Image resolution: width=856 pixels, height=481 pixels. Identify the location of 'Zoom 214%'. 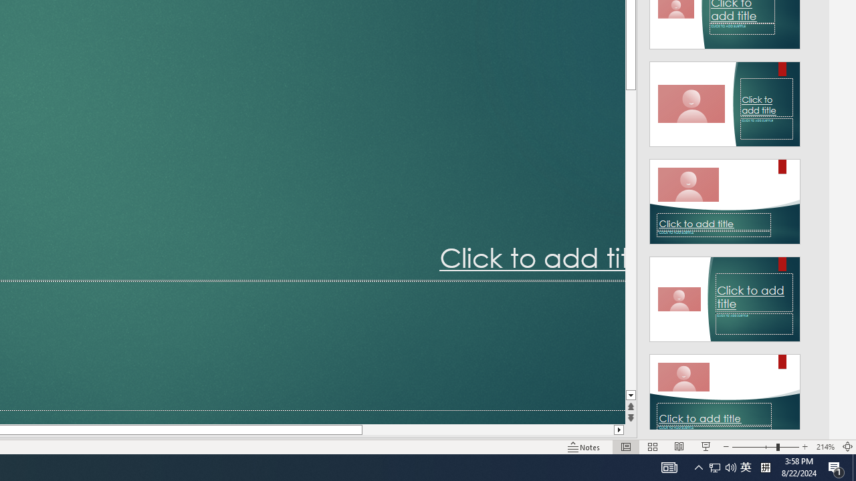
(825, 447).